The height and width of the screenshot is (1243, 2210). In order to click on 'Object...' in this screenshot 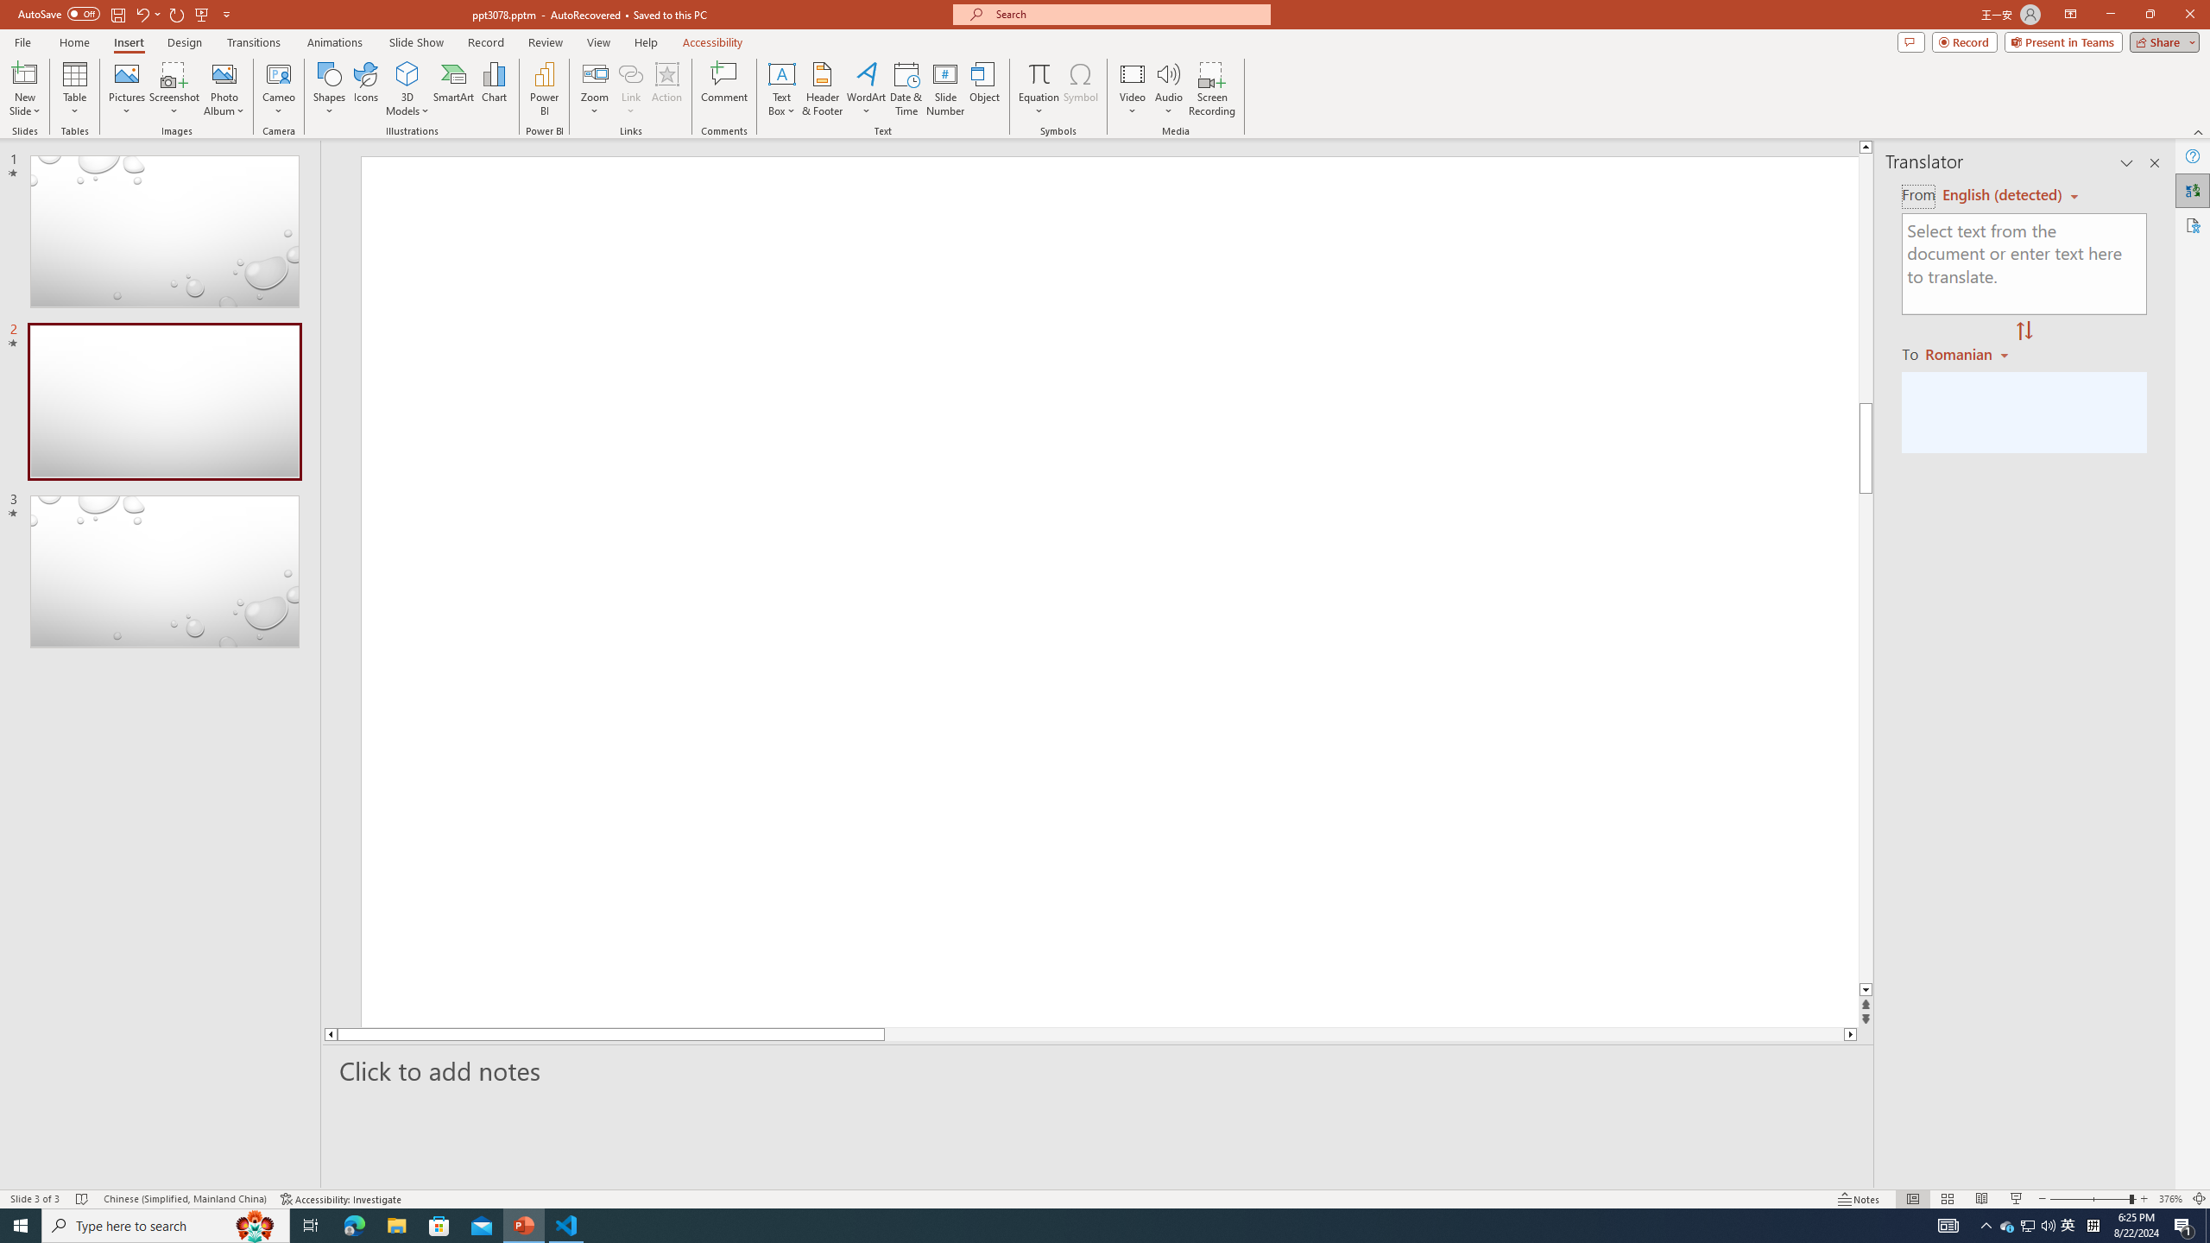, I will do `click(985, 89)`.